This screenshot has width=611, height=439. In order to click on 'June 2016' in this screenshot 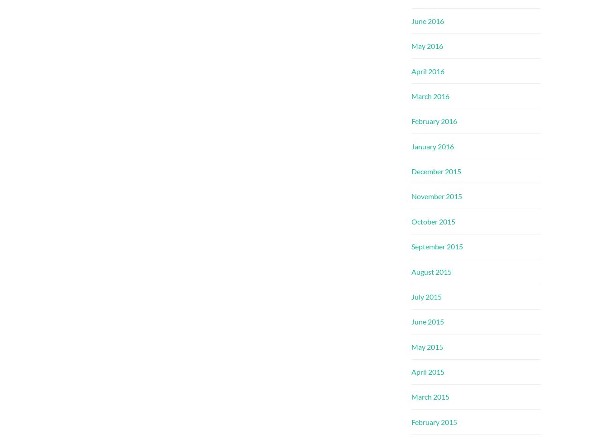, I will do `click(427, 20)`.